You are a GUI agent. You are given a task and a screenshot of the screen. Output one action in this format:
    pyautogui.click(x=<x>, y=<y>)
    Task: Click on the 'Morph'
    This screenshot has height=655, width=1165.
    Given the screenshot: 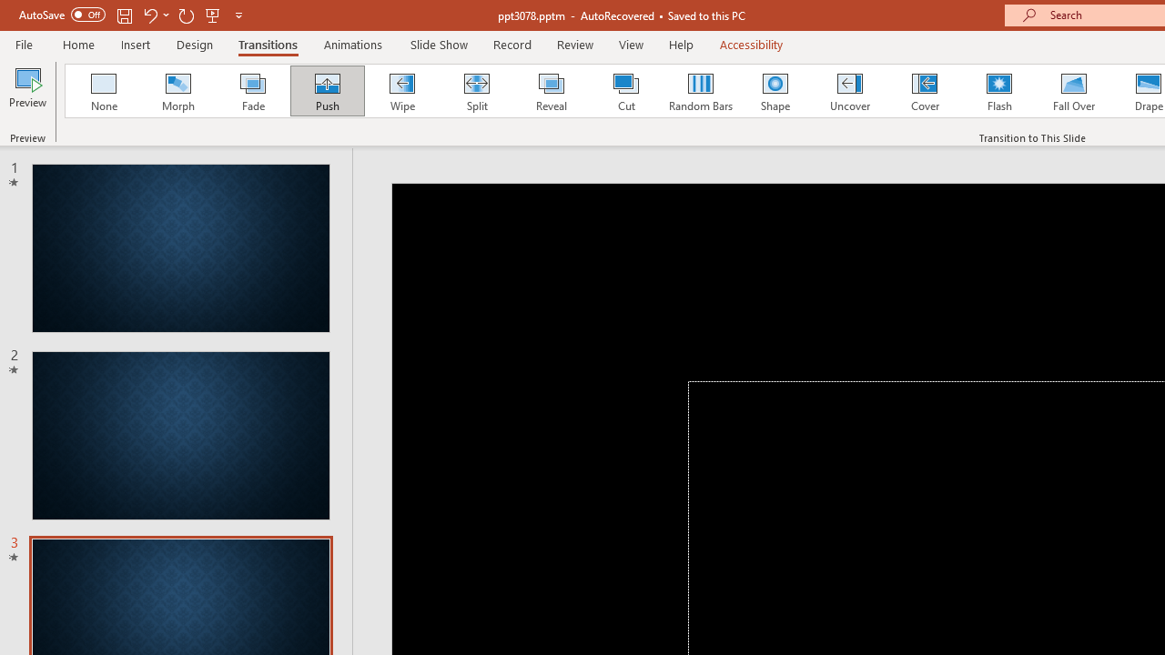 What is the action you would take?
    pyautogui.click(x=177, y=91)
    